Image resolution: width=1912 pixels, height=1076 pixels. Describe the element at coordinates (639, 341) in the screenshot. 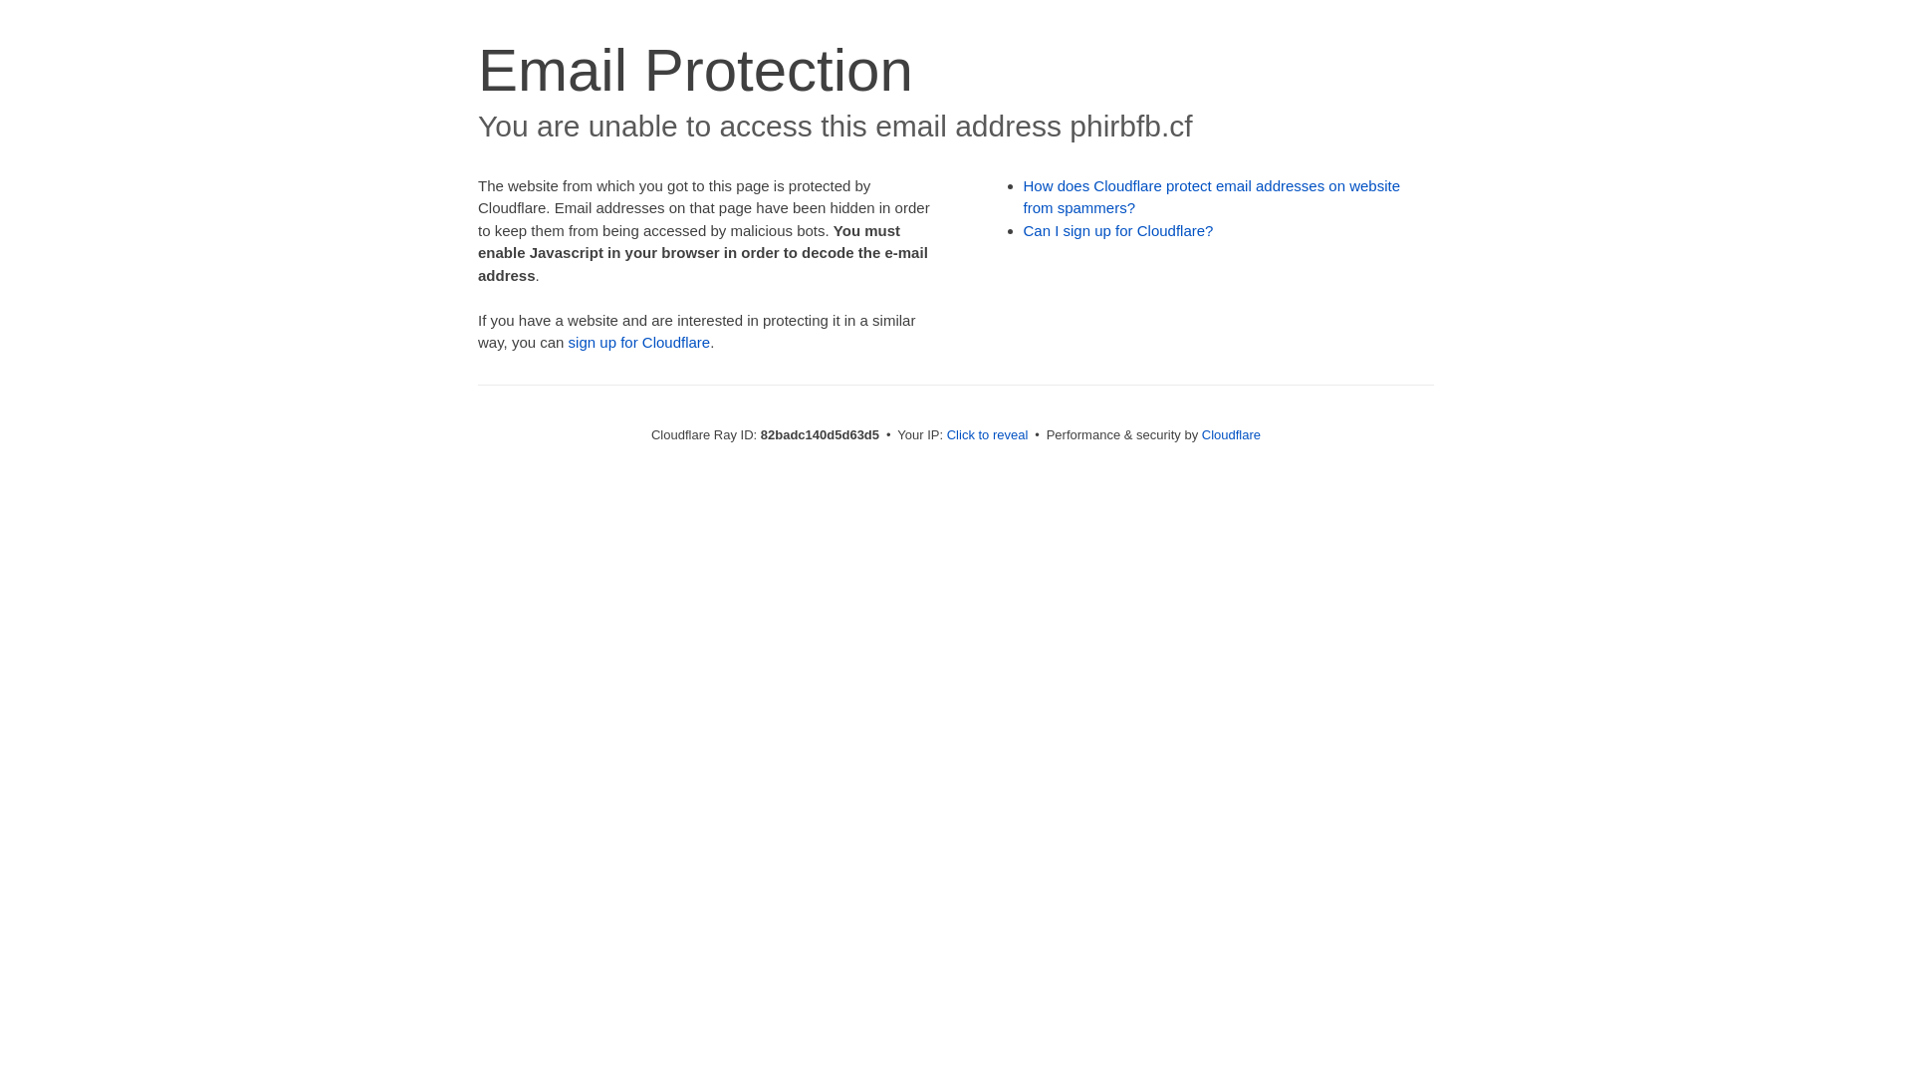

I see `'sign up for Cloudflare'` at that location.